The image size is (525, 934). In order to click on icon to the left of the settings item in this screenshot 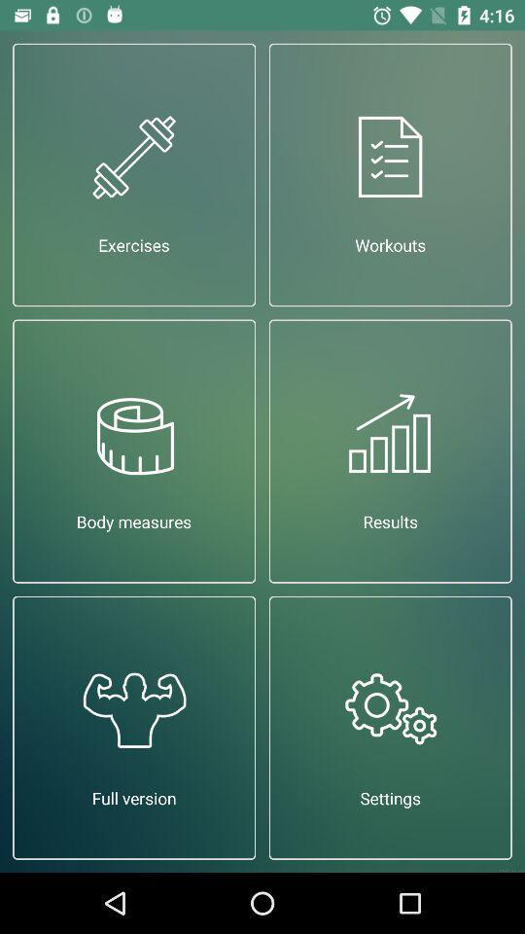, I will do `click(133, 727)`.